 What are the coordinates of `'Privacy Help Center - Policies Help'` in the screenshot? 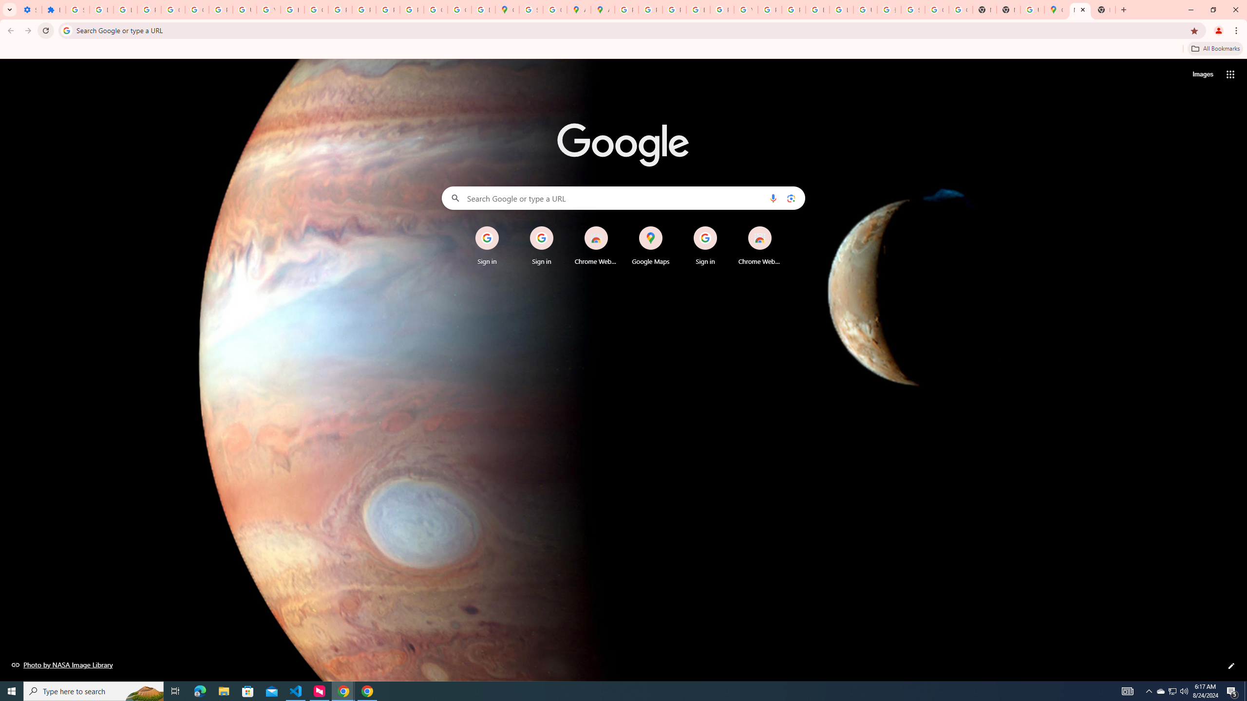 It's located at (674, 9).